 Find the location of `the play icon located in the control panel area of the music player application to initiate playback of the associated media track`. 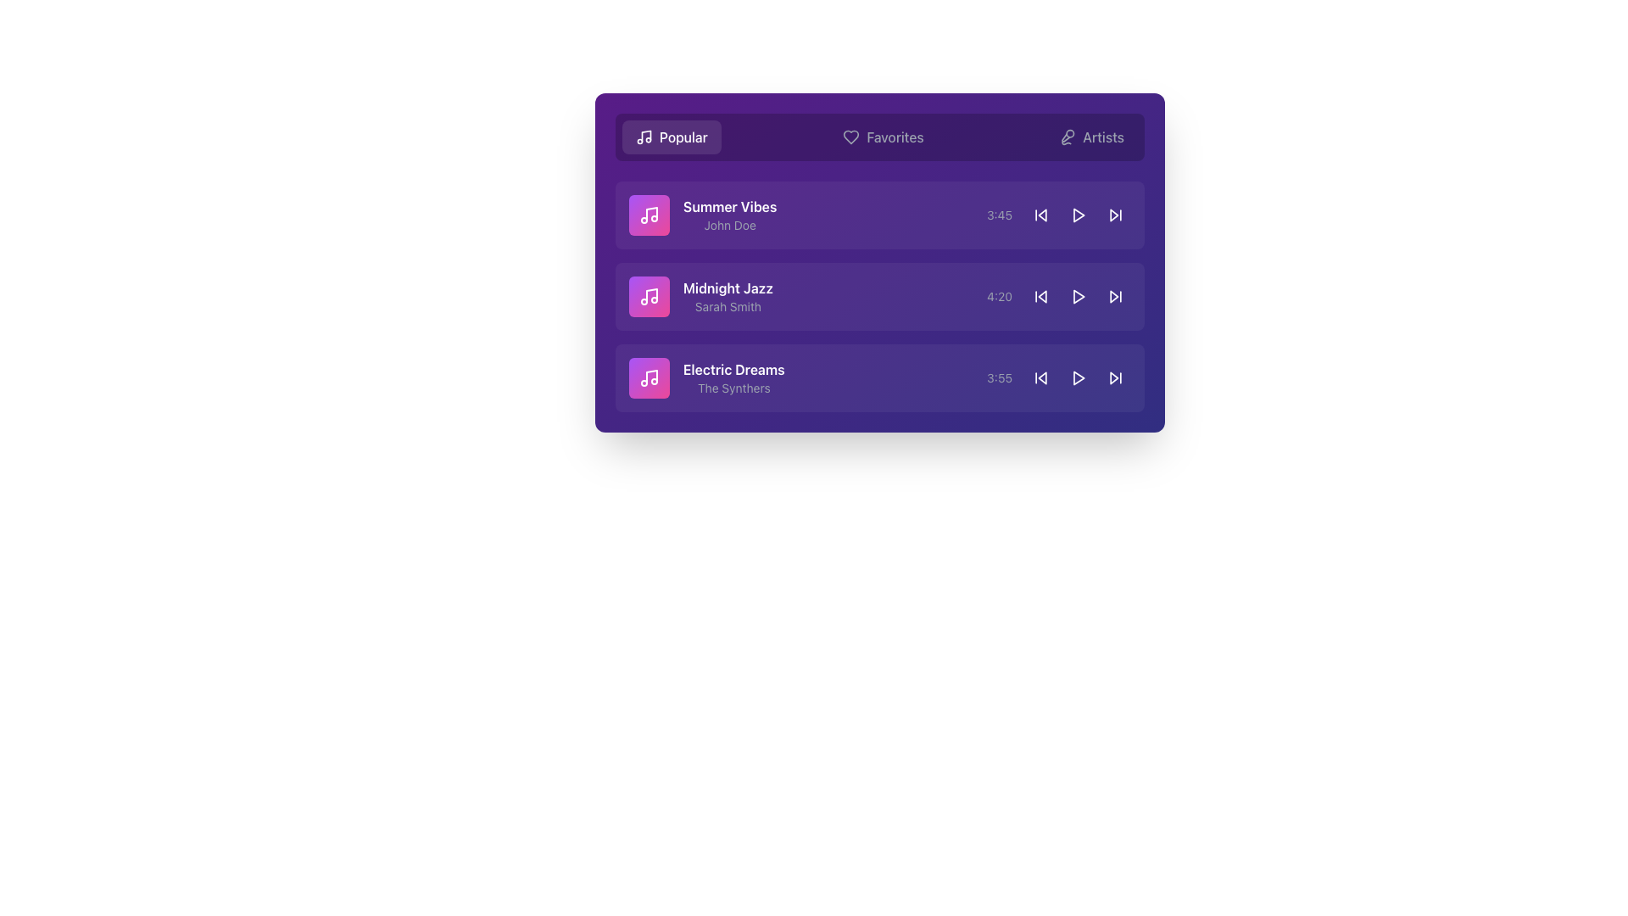

the play icon located in the control panel area of the music player application to initiate playback of the associated media track is located at coordinates (1078, 215).